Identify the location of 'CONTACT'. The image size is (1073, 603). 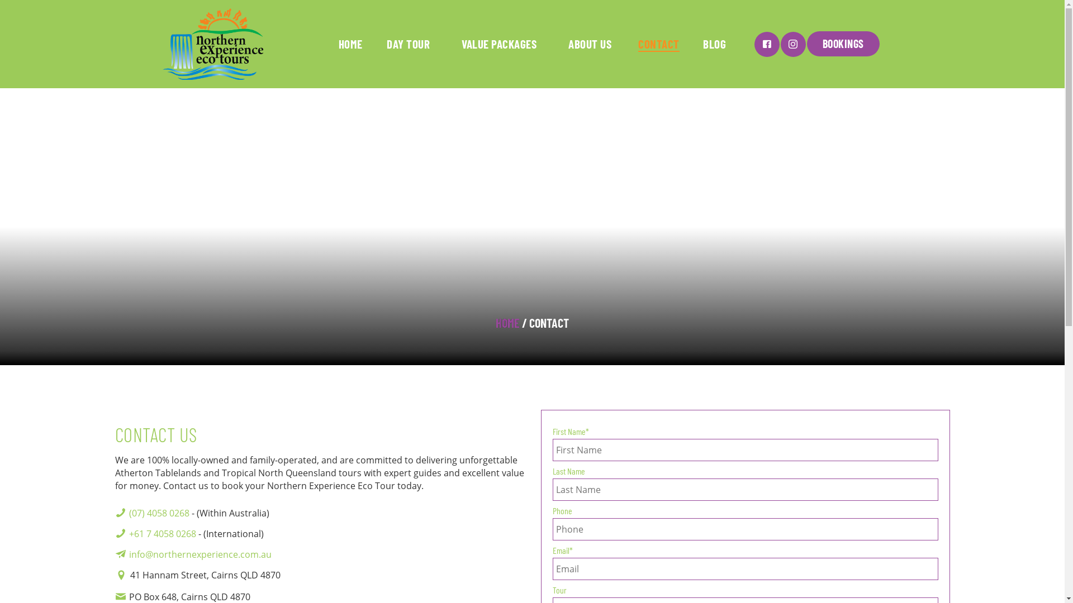
(658, 43).